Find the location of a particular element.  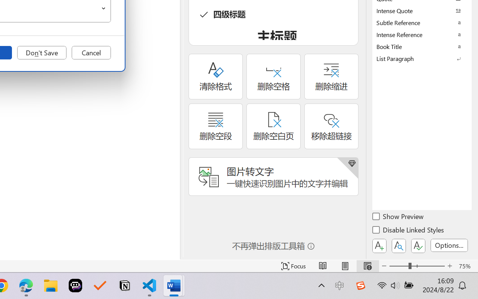

'Intense Reference' is located at coordinates (422, 34).